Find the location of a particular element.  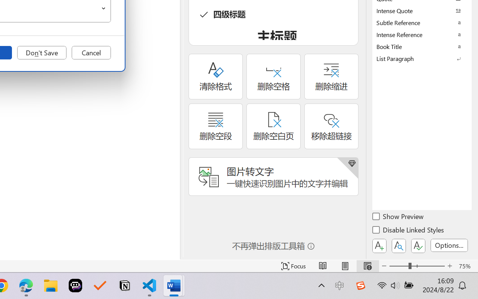

'Intense Reference' is located at coordinates (422, 34).